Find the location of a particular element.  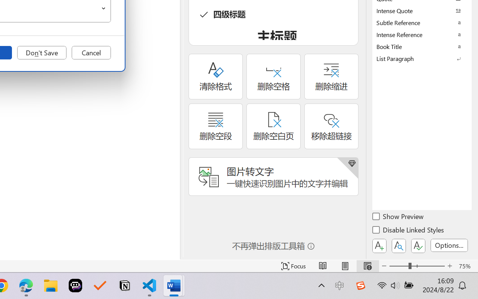

'Intense Reference' is located at coordinates (422, 34).